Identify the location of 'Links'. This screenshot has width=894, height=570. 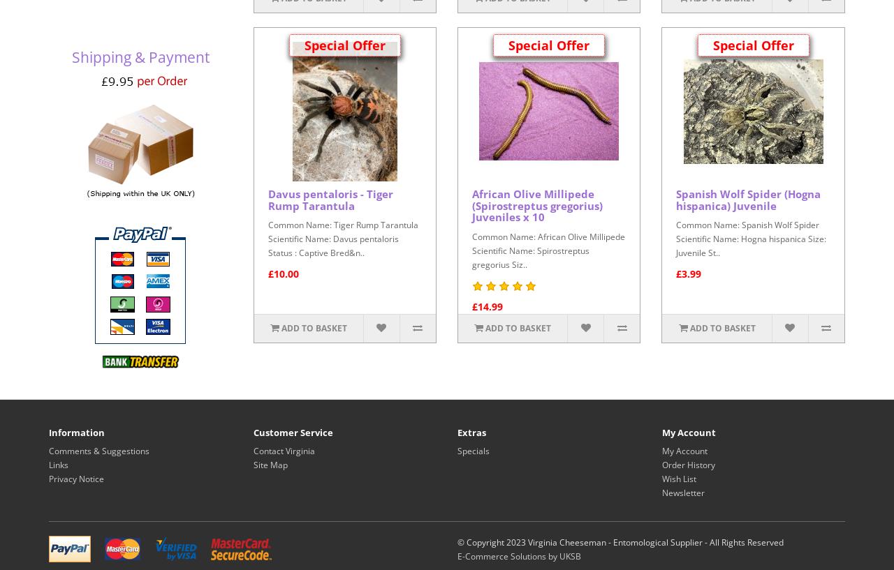
(57, 464).